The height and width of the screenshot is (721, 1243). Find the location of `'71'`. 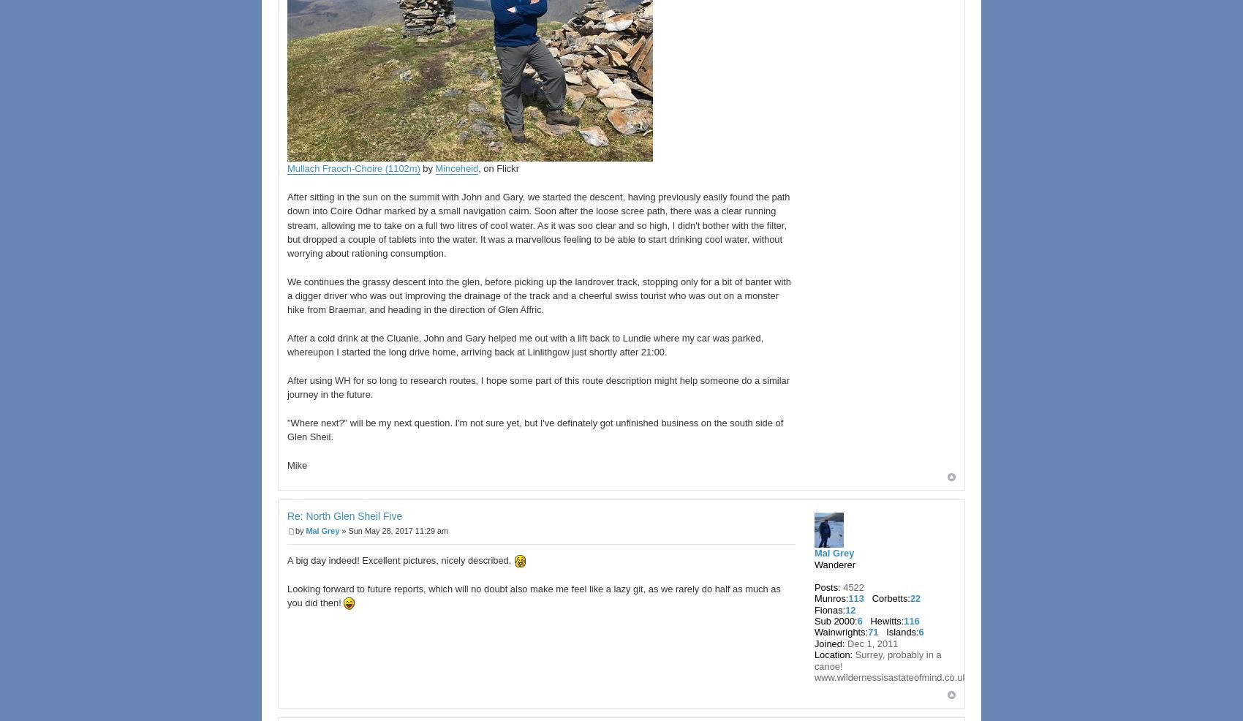

'71' is located at coordinates (872, 631).